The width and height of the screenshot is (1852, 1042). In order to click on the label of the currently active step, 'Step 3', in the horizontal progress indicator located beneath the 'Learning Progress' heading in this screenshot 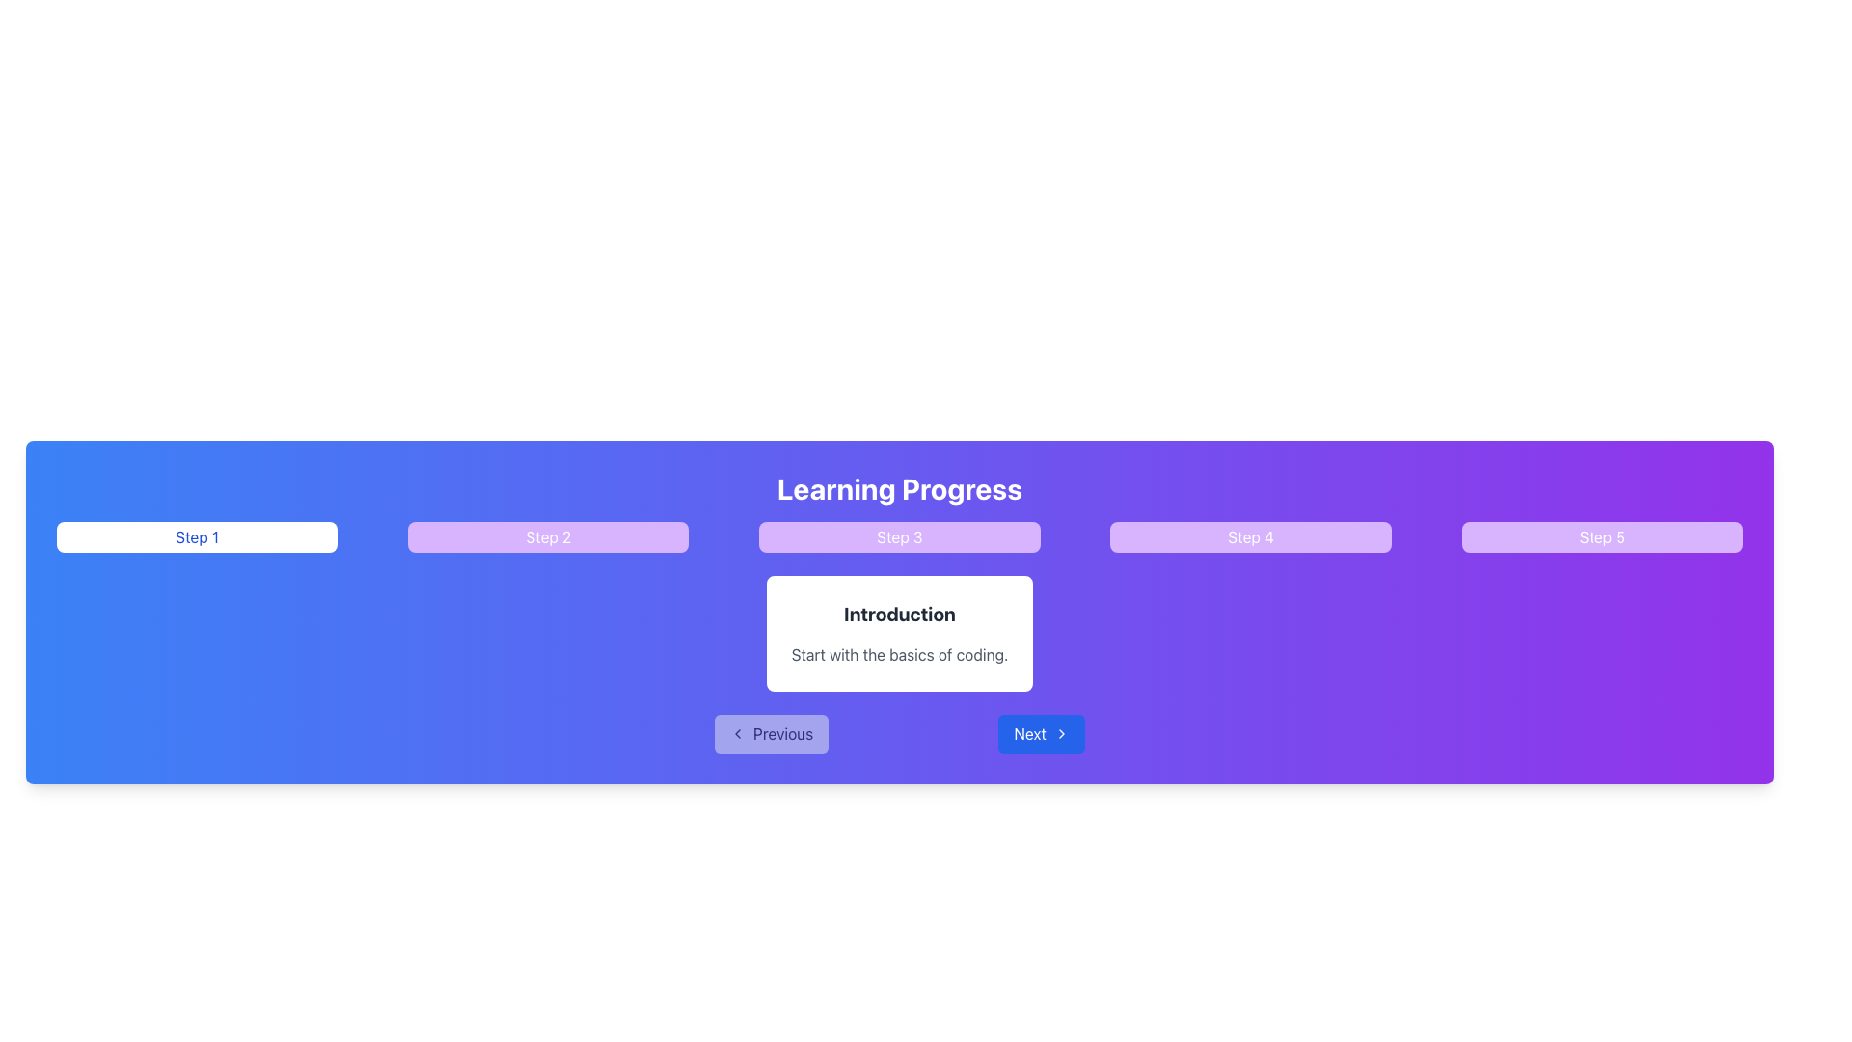, I will do `click(898, 536)`.